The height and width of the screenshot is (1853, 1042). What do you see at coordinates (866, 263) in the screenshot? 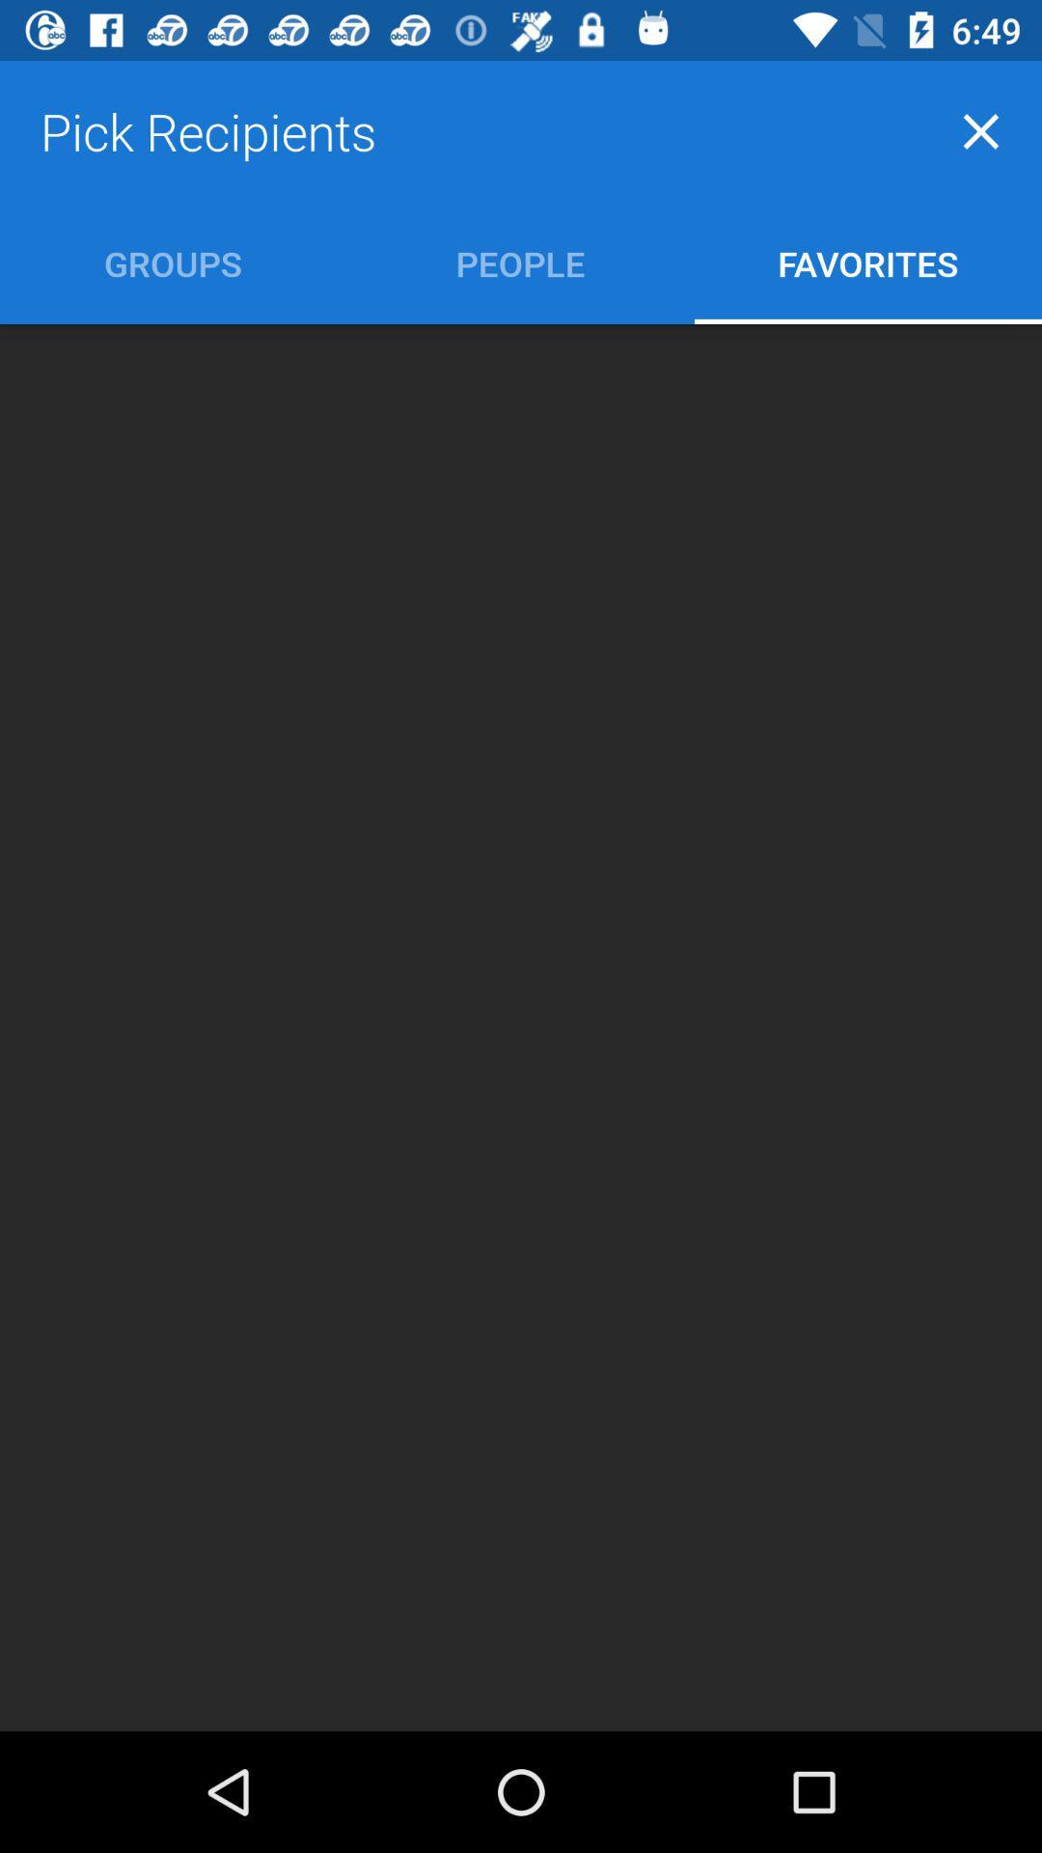
I see `icon next to people item` at bounding box center [866, 263].